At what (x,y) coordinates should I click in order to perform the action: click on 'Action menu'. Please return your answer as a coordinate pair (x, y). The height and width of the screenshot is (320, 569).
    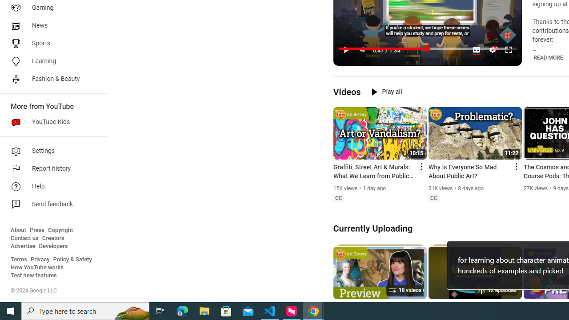
    Looking at the image, I should click on (516, 167).